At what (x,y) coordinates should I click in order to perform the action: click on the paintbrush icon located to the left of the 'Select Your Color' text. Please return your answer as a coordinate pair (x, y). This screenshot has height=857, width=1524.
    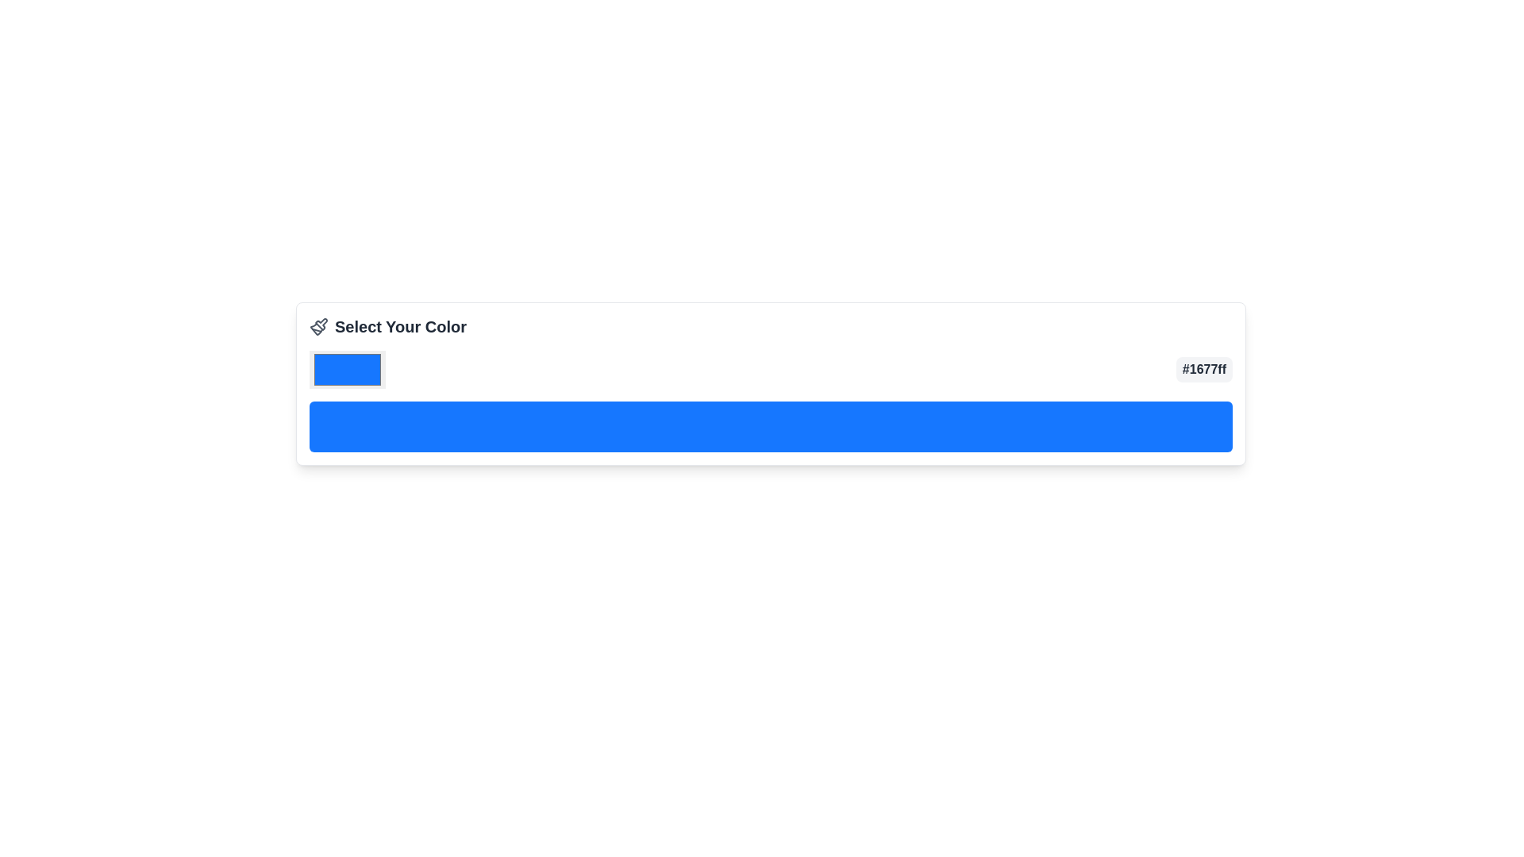
    Looking at the image, I should click on (318, 326).